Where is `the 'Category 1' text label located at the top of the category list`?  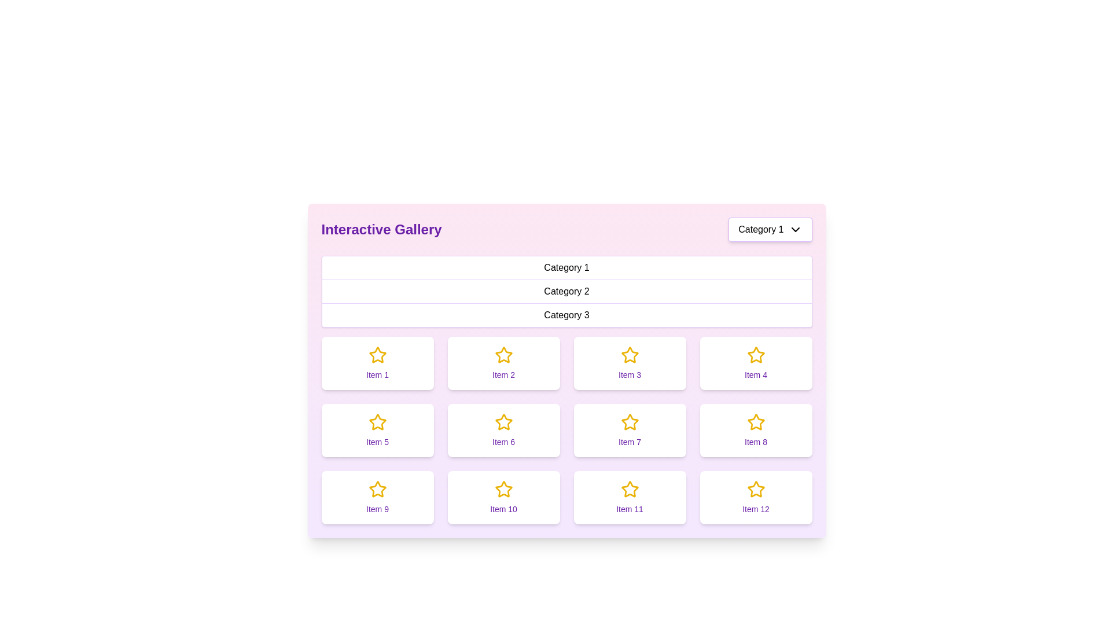 the 'Category 1' text label located at the top of the category list is located at coordinates (566, 268).